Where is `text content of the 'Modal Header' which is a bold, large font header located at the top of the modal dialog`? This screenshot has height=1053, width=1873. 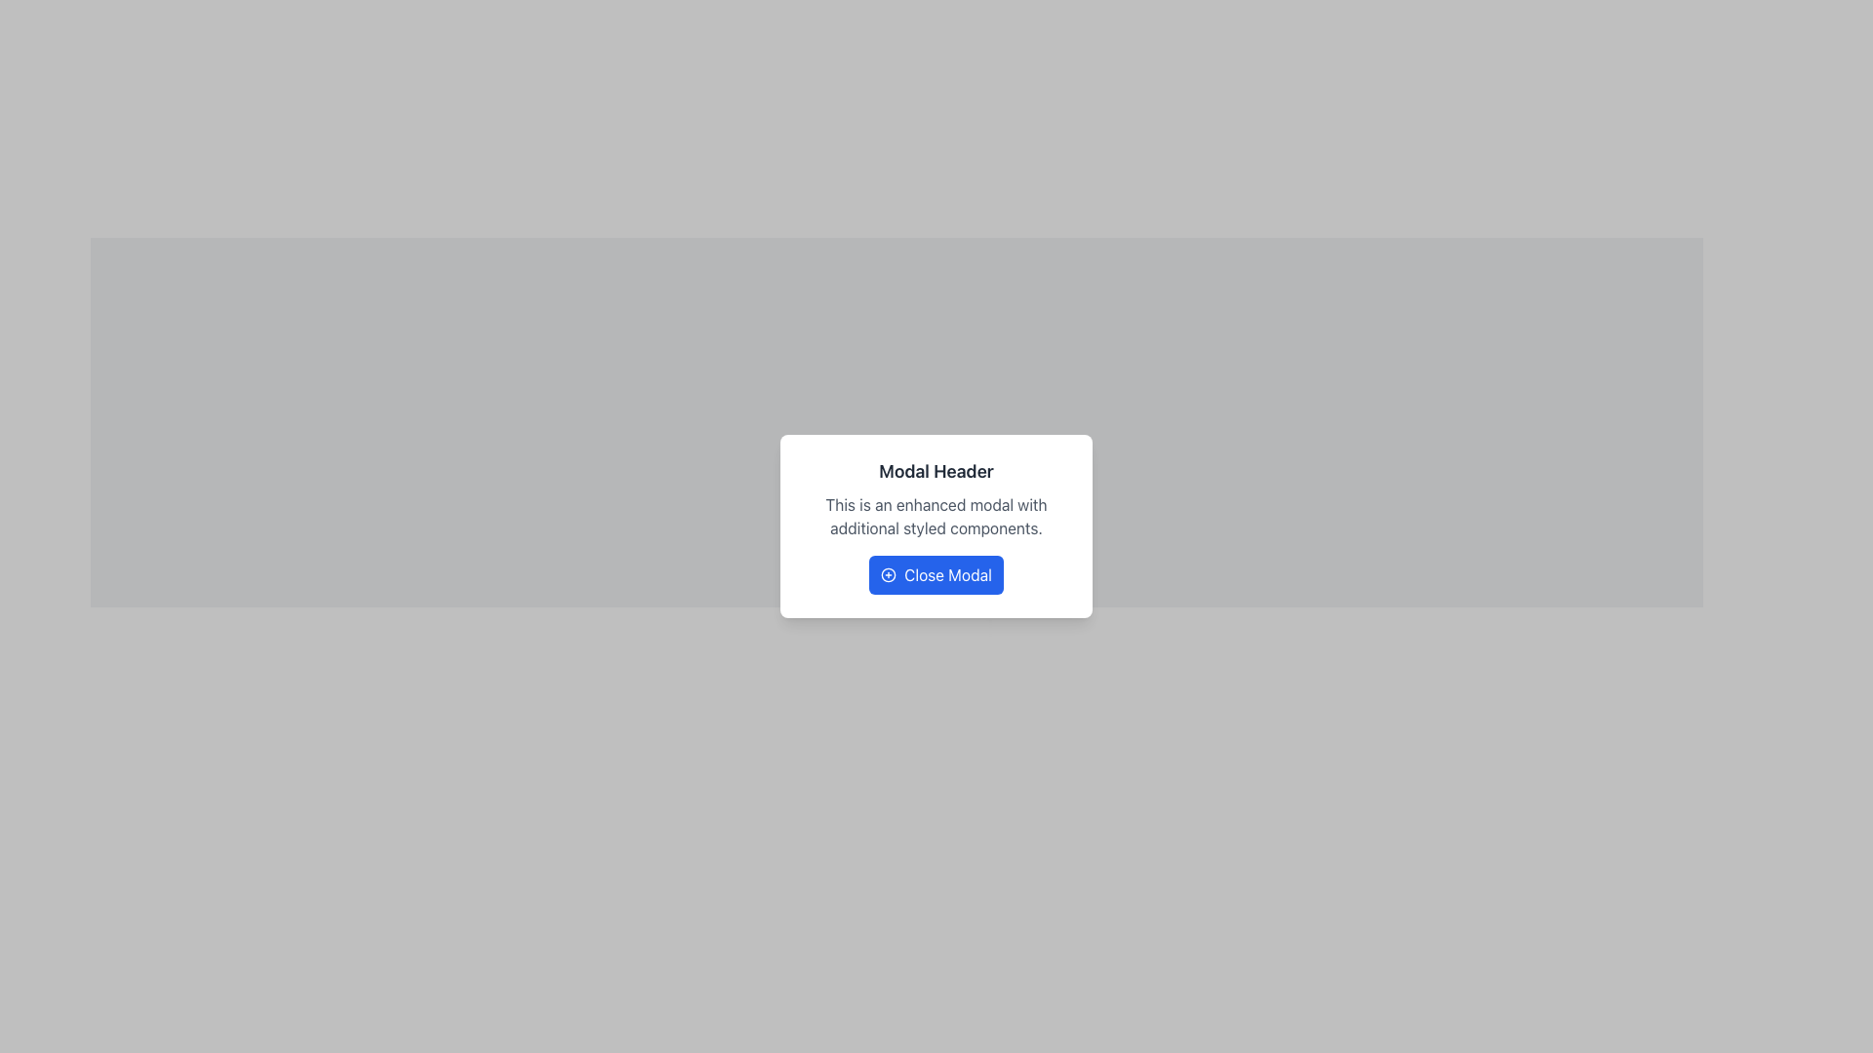
text content of the 'Modal Header' which is a bold, large font header located at the top of the modal dialog is located at coordinates (936, 471).